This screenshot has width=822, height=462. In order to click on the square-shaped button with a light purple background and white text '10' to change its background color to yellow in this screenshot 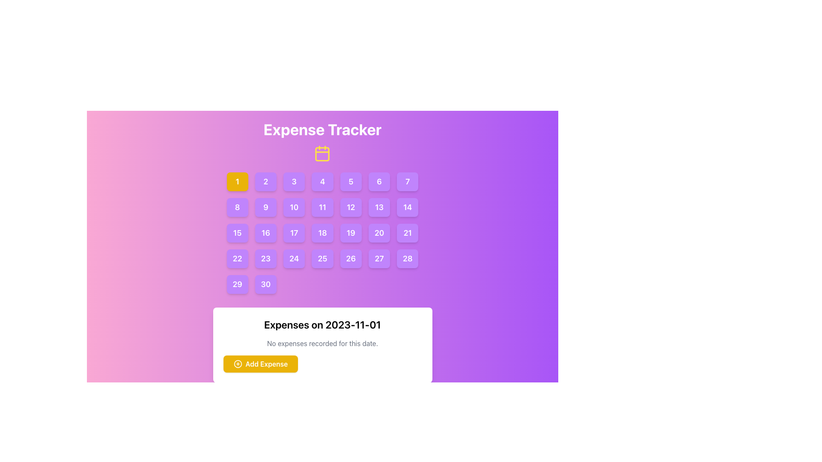, I will do `click(294, 207)`.